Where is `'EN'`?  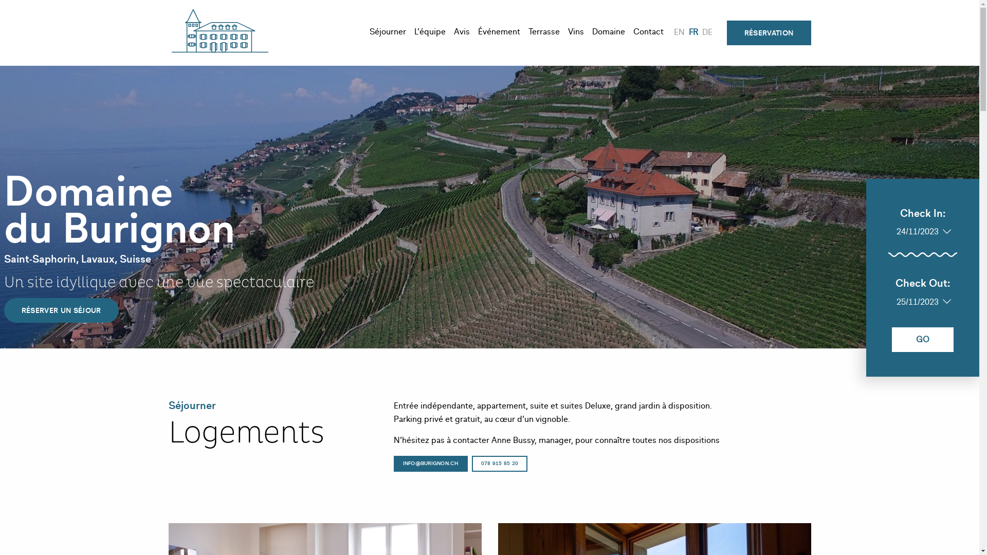 'EN' is located at coordinates (679, 32).